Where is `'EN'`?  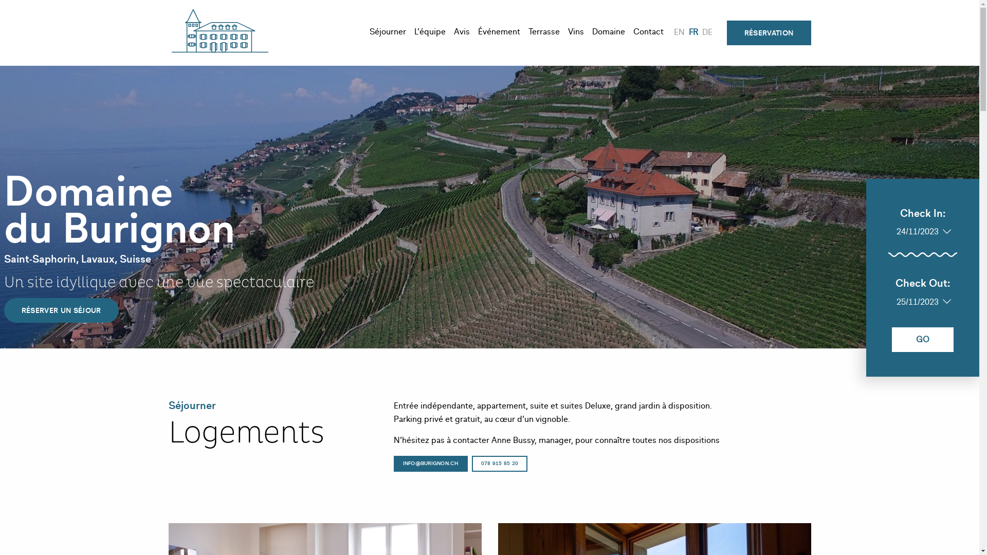 'EN' is located at coordinates (679, 32).